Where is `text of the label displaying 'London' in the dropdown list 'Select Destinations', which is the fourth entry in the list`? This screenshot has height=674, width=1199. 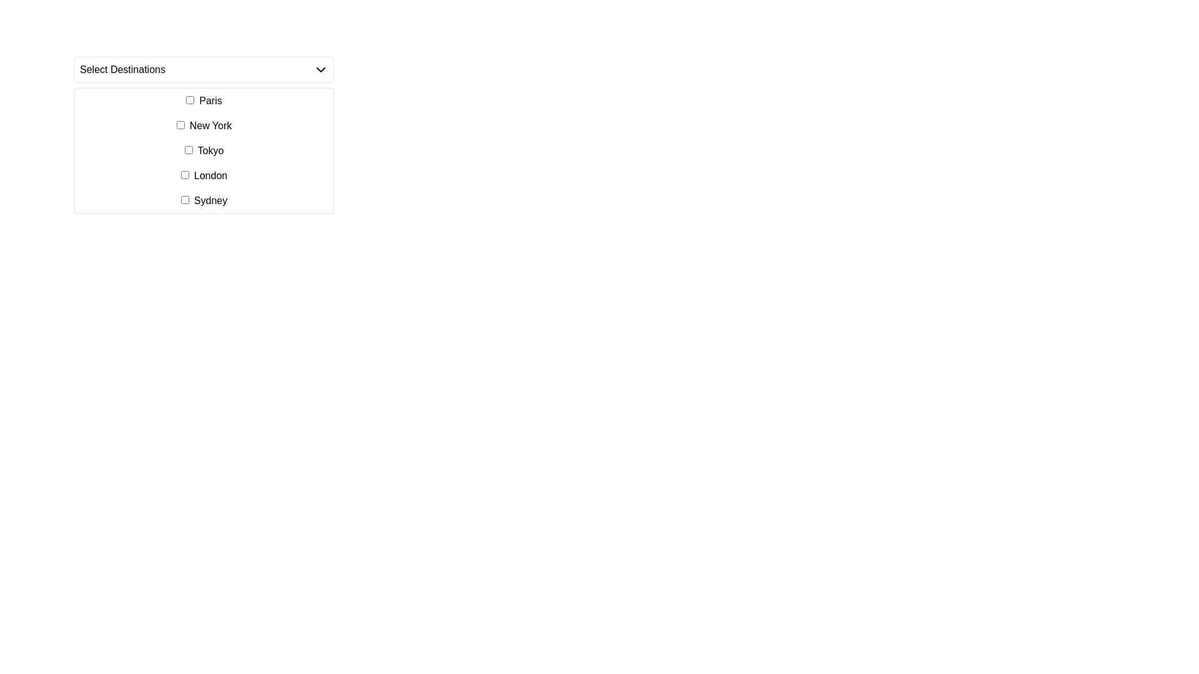
text of the label displaying 'London' in the dropdown list 'Select Destinations', which is the fourth entry in the list is located at coordinates (210, 175).